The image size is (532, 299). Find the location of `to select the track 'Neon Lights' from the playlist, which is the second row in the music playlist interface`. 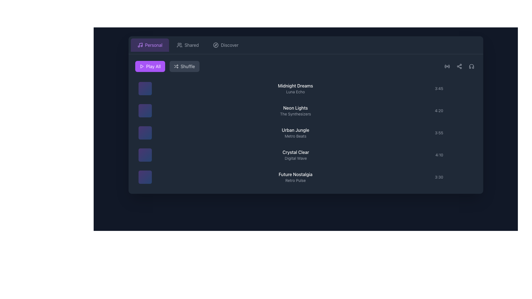

to select the track 'Neon Lights' from the playlist, which is the second row in the music playlist interface is located at coordinates (305, 111).